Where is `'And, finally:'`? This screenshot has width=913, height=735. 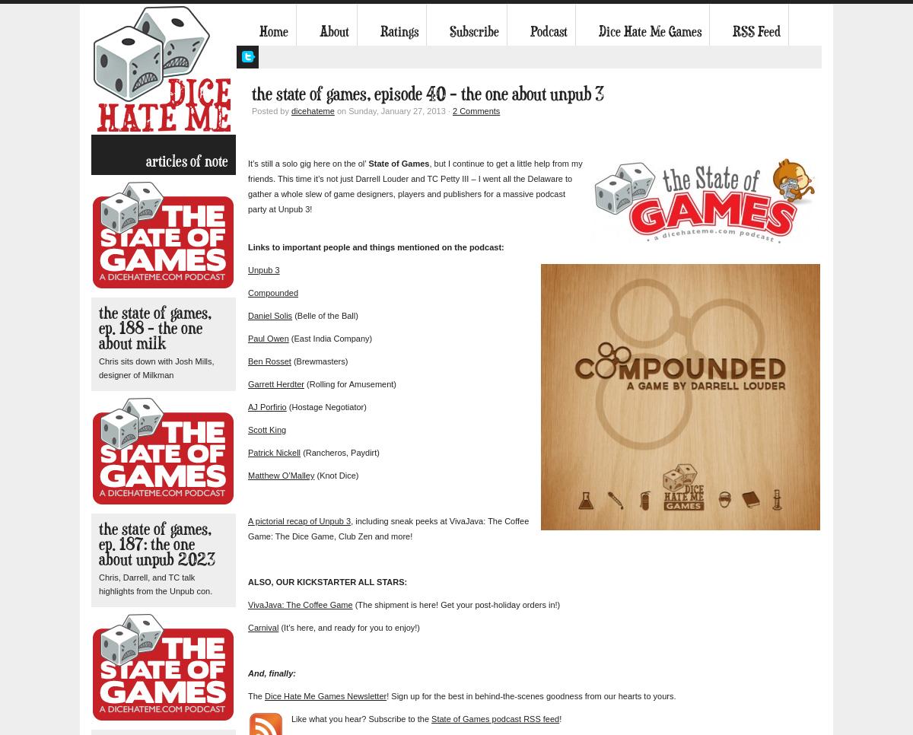 'And, finally:' is located at coordinates (272, 673).